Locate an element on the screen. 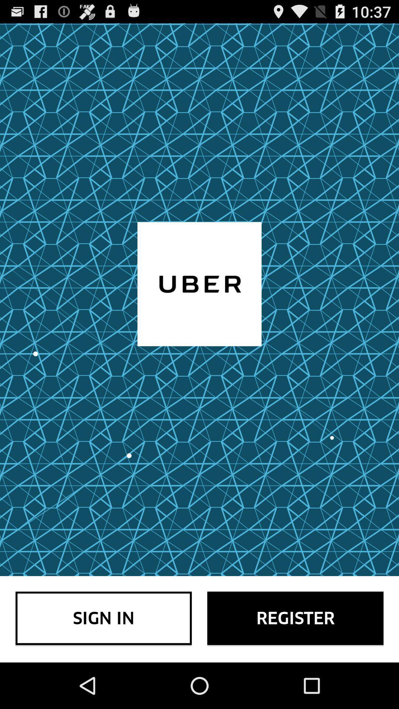 The height and width of the screenshot is (709, 399). the register item is located at coordinates (295, 618).